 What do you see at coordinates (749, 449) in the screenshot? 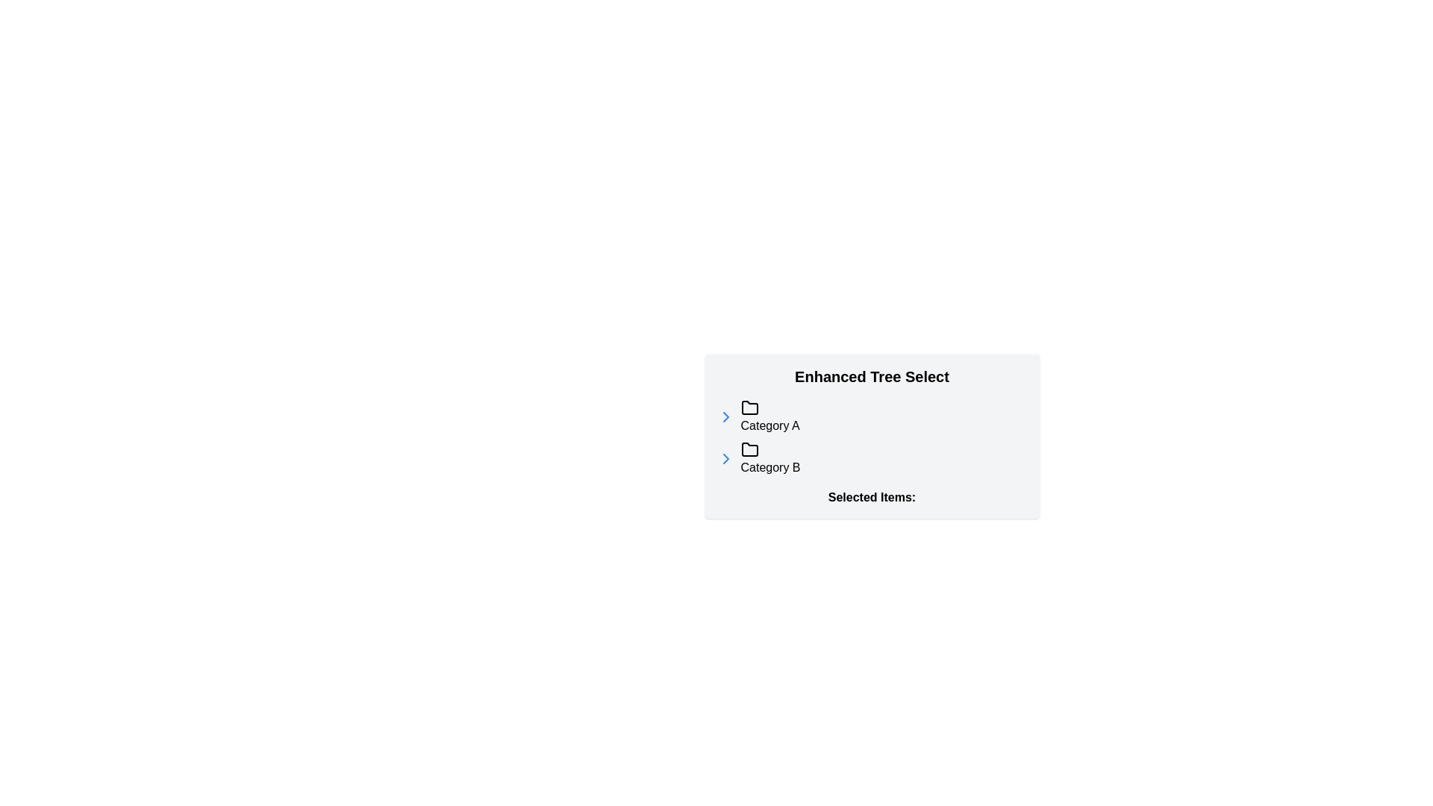
I see `the folder icon, which is visually styled with a thin black outline and positioned next to the text 'Category B' in the hierarchical list` at bounding box center [749, 449].